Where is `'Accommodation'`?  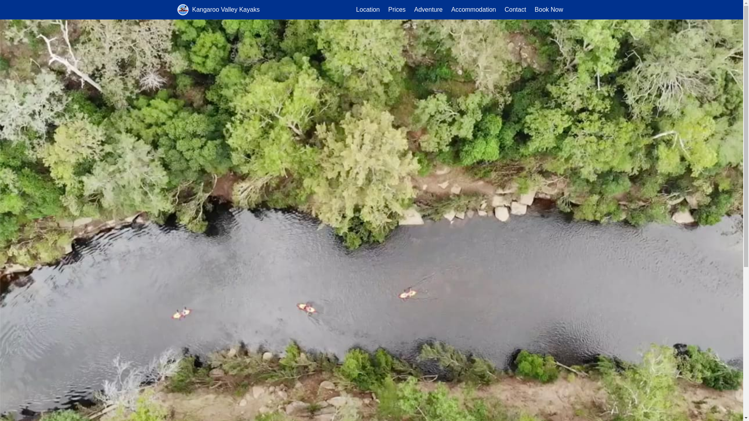
'Accommodation' is located at coordinates (473, 9).